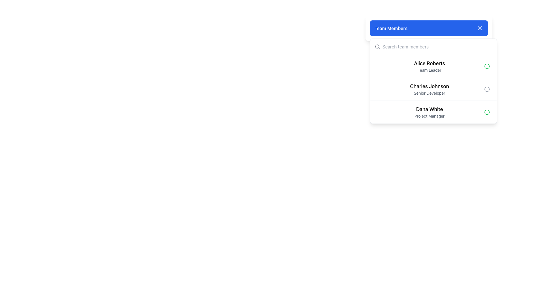  I want to click on the magnifying glass icon located next to the 'Search team members' input field, so click(377, 46).